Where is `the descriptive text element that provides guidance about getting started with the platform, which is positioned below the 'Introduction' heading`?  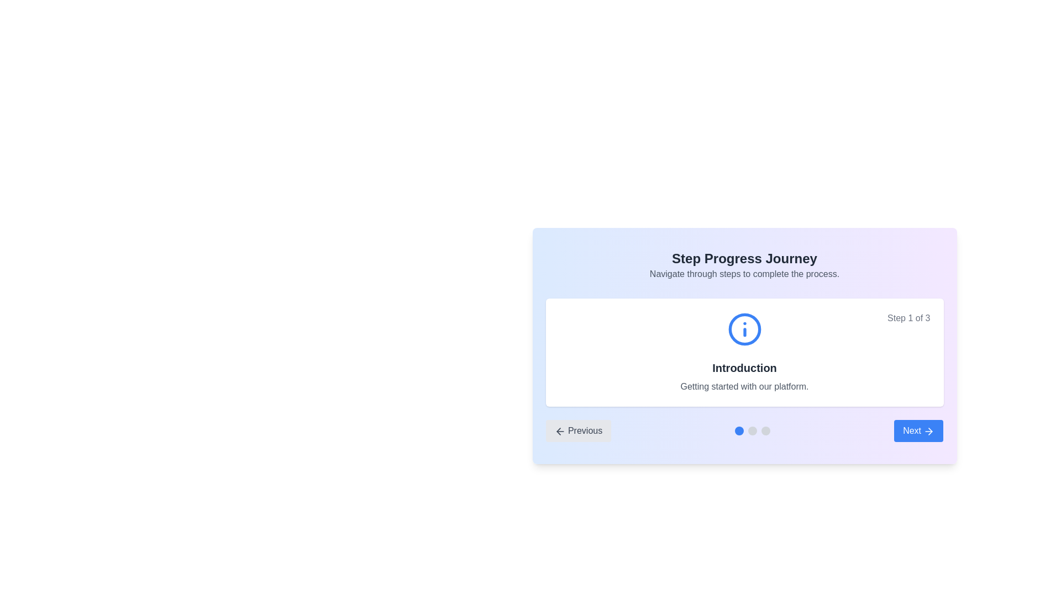 the descriptive text element that provides guidance about getting started with the platform, which is positioned below the 'Introduction' heading is located at coordinates (744, 386).